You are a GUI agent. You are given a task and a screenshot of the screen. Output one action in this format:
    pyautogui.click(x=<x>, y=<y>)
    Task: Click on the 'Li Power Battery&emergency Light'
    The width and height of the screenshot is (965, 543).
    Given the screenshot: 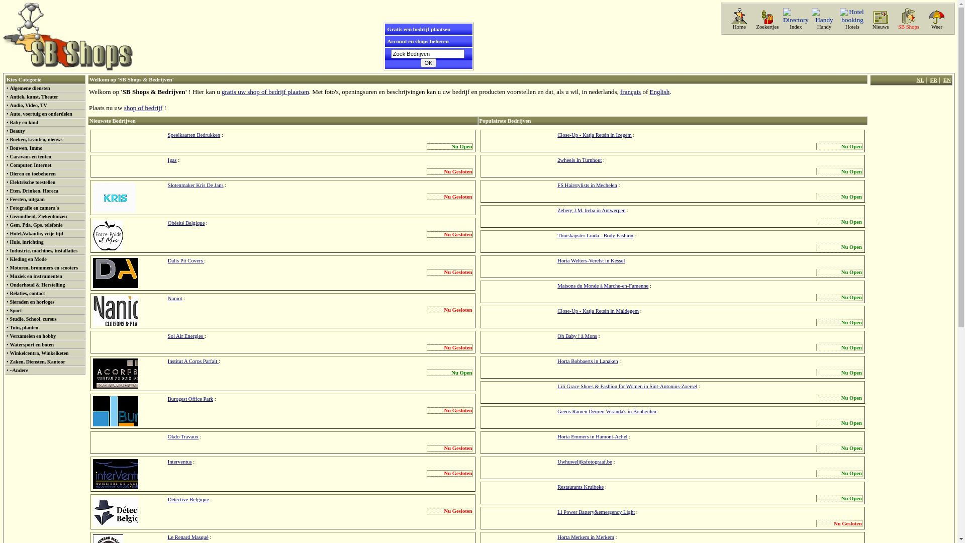 What is the action you would take?
    pyautogui.click(x=596, y=512)
    